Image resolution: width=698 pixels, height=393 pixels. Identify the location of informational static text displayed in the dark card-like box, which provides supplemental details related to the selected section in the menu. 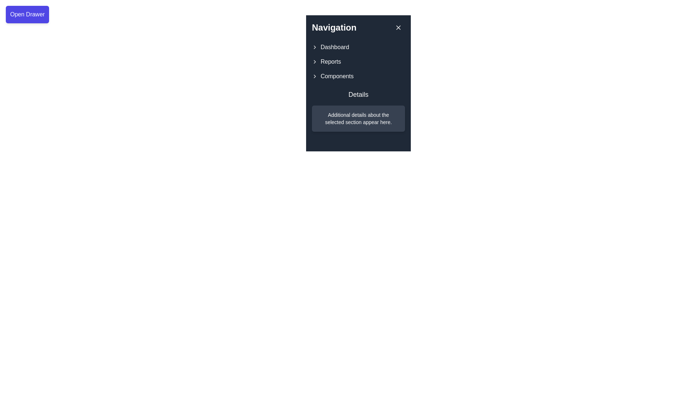
(358, 118).